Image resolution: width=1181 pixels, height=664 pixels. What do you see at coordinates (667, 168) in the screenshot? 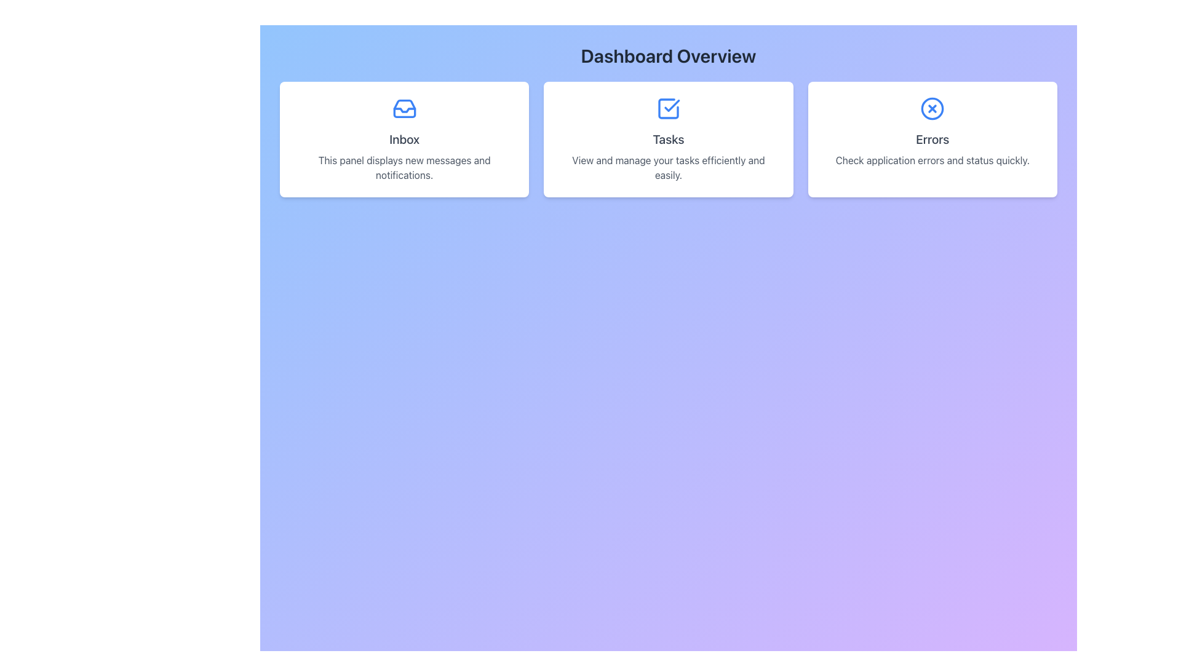
I see `the text paragraph displaying 'View and manage your tasks efficiently and easily.' which is located below the 'Tasks' header` at bounding box center [667, 168].